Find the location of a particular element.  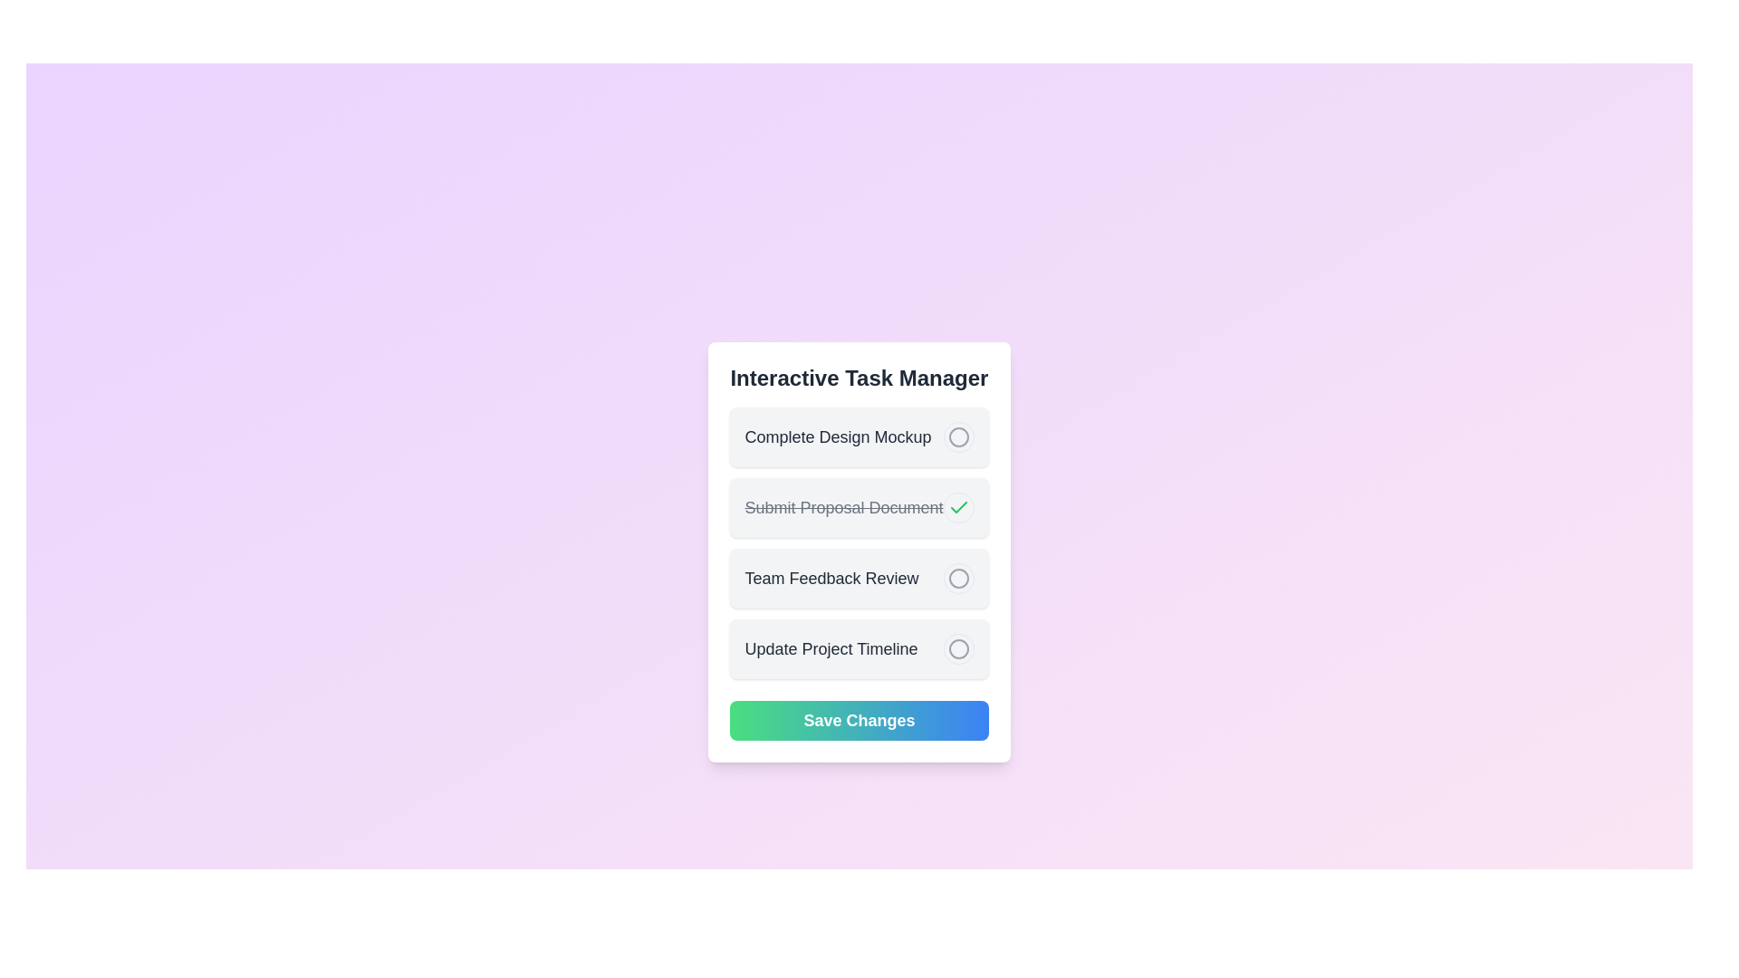

the 'Save Changes' button to save the current state of the checklist is located at coordinates (859, 719).